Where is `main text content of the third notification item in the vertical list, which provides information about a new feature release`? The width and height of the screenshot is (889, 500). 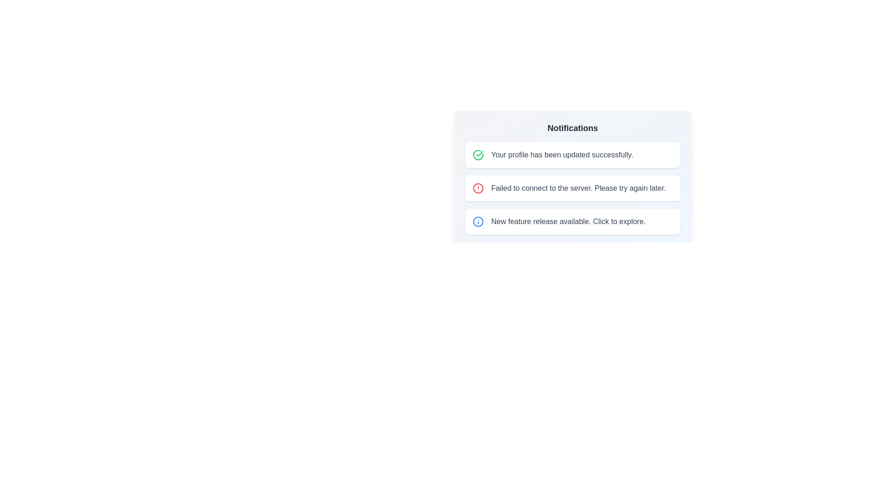 main text content of the third notification item in the vertical list, which provides information about a new feature release is located at coordinates (568, 221).